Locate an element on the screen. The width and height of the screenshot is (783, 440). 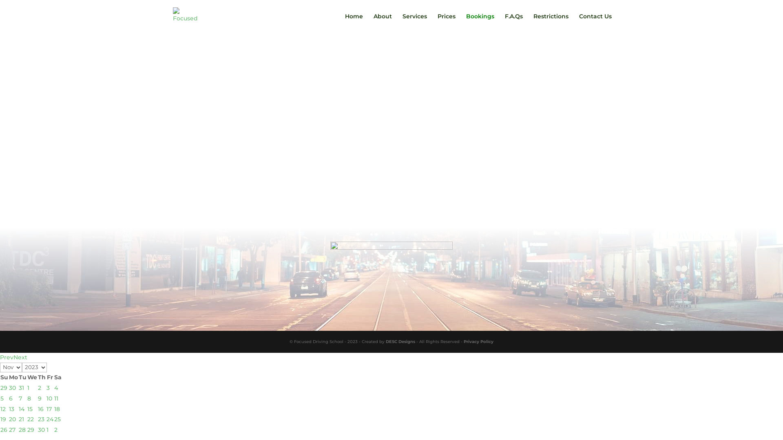
'1' is located at coordinates (47, 429).